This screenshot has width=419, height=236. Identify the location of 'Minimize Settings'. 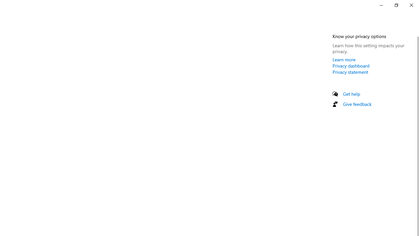
(381, 5).